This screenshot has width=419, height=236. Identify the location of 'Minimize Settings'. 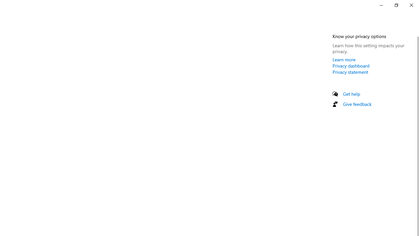
(381, 5).